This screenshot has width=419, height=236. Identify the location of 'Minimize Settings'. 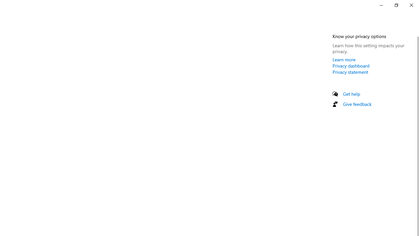
(381, 5).